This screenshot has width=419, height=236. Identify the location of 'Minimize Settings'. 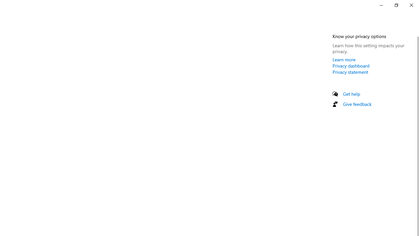
(381, 5).